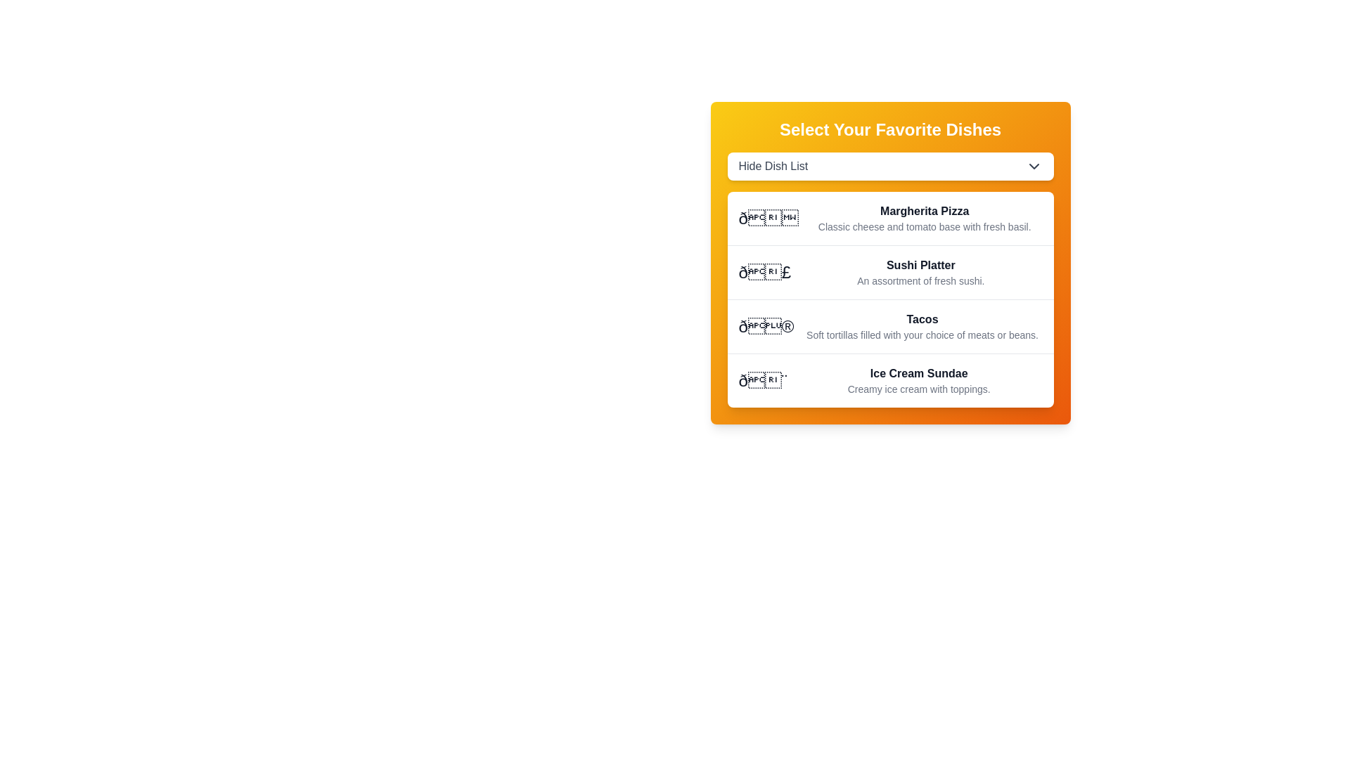 The width and height of the screenshot is (1350, 759). I want to click on descriptive text element located beneath the bold title 'Margherita Pizza', which provides additional information about the dish's ingredients and style, so click(925, 226).